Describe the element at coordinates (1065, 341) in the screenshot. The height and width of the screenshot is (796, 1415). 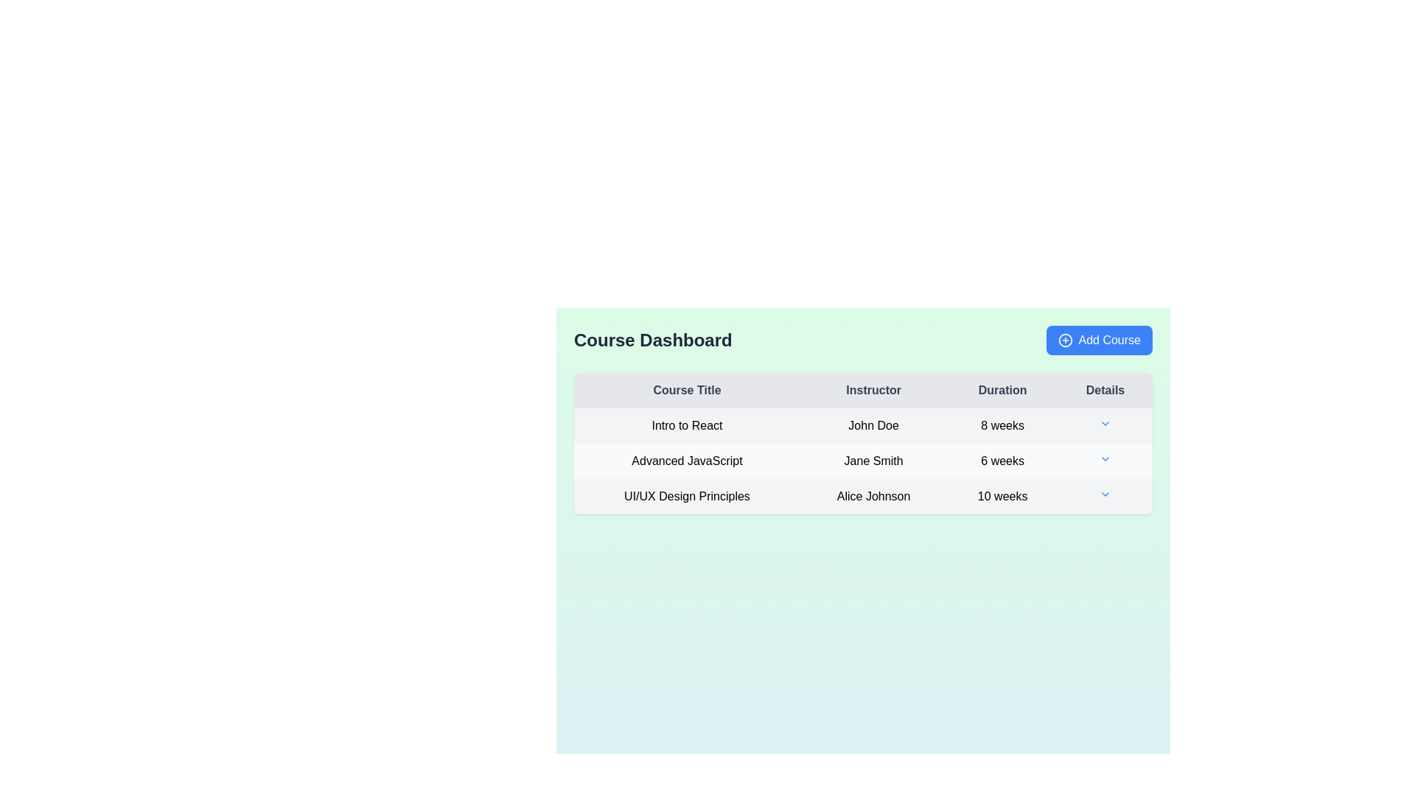
I see `circular '+' icon located within the blue rectangular 'Add Course' button, positioned towards the left edge of the button` at that location.